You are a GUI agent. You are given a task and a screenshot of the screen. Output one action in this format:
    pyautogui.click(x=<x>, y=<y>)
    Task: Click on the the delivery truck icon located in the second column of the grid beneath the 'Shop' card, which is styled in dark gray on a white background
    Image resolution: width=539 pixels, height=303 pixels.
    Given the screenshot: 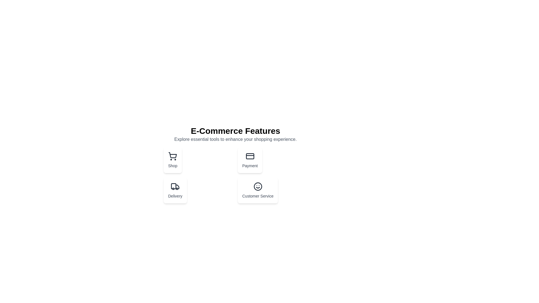 What is the action you would take?
    pyautogui.click(x=175, y=186)
    